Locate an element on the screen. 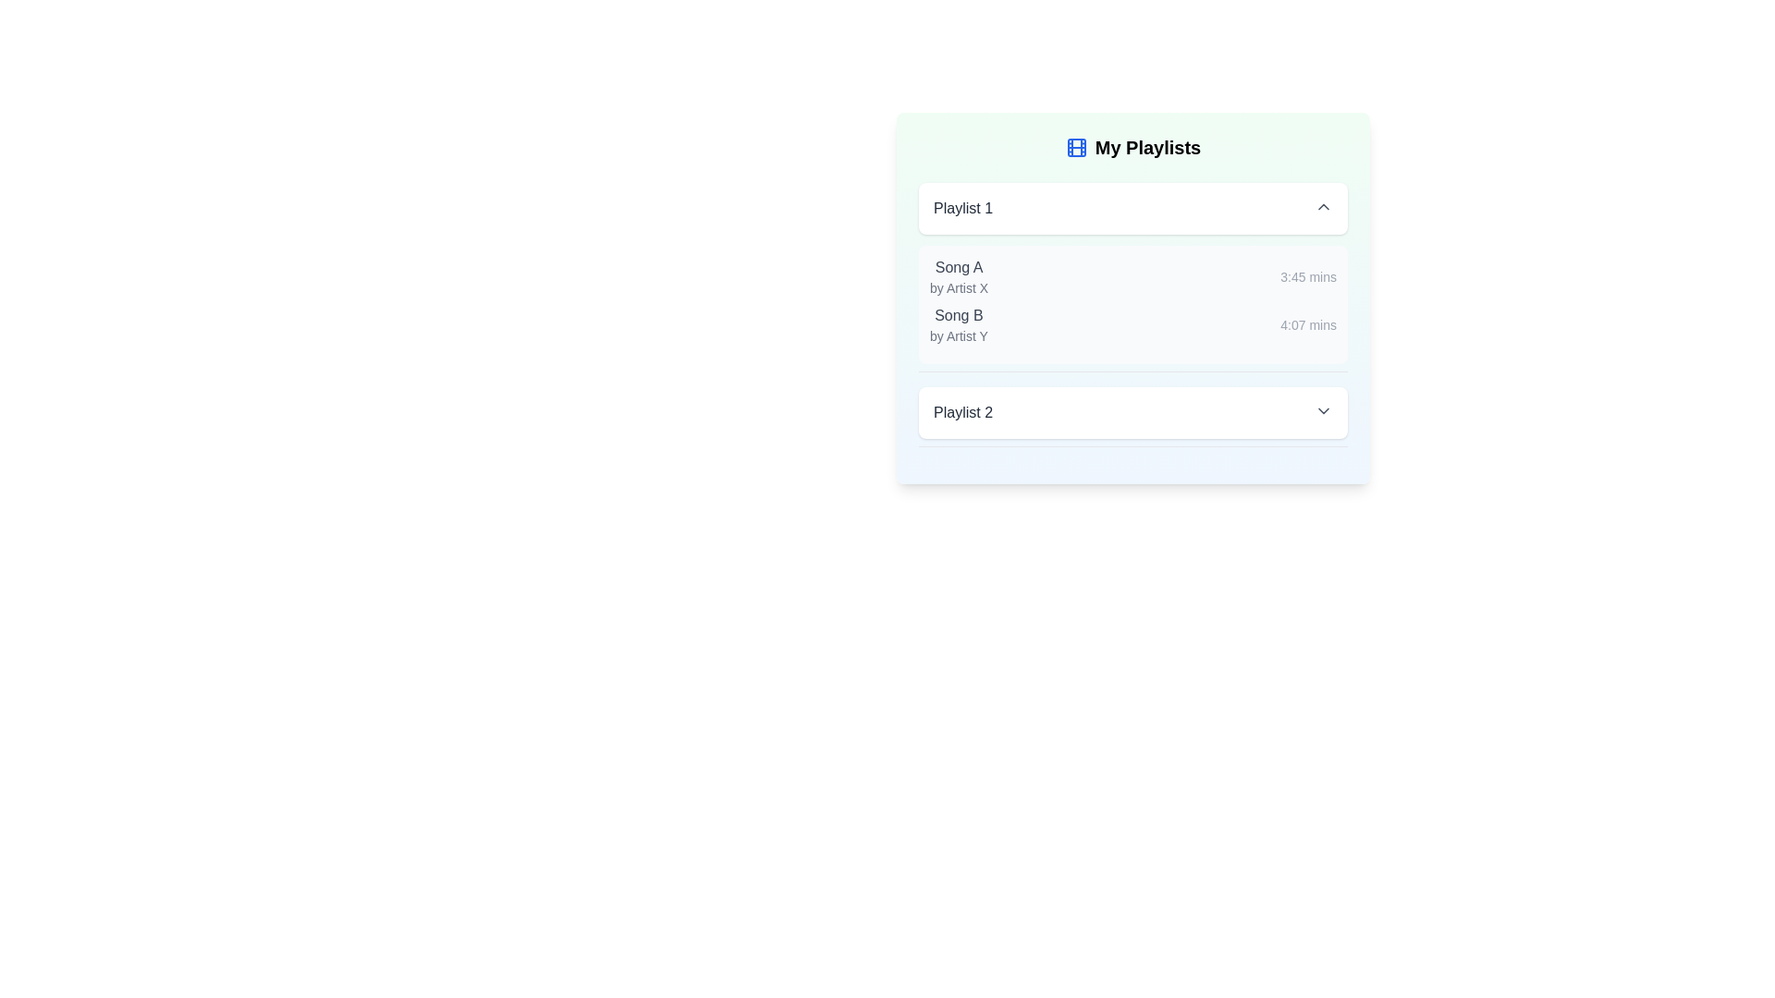  bold black text 'My Playlists' located at the top-center of the card-like section, which includes a blue filmstrip icon is located at coordinates (1132, 146).